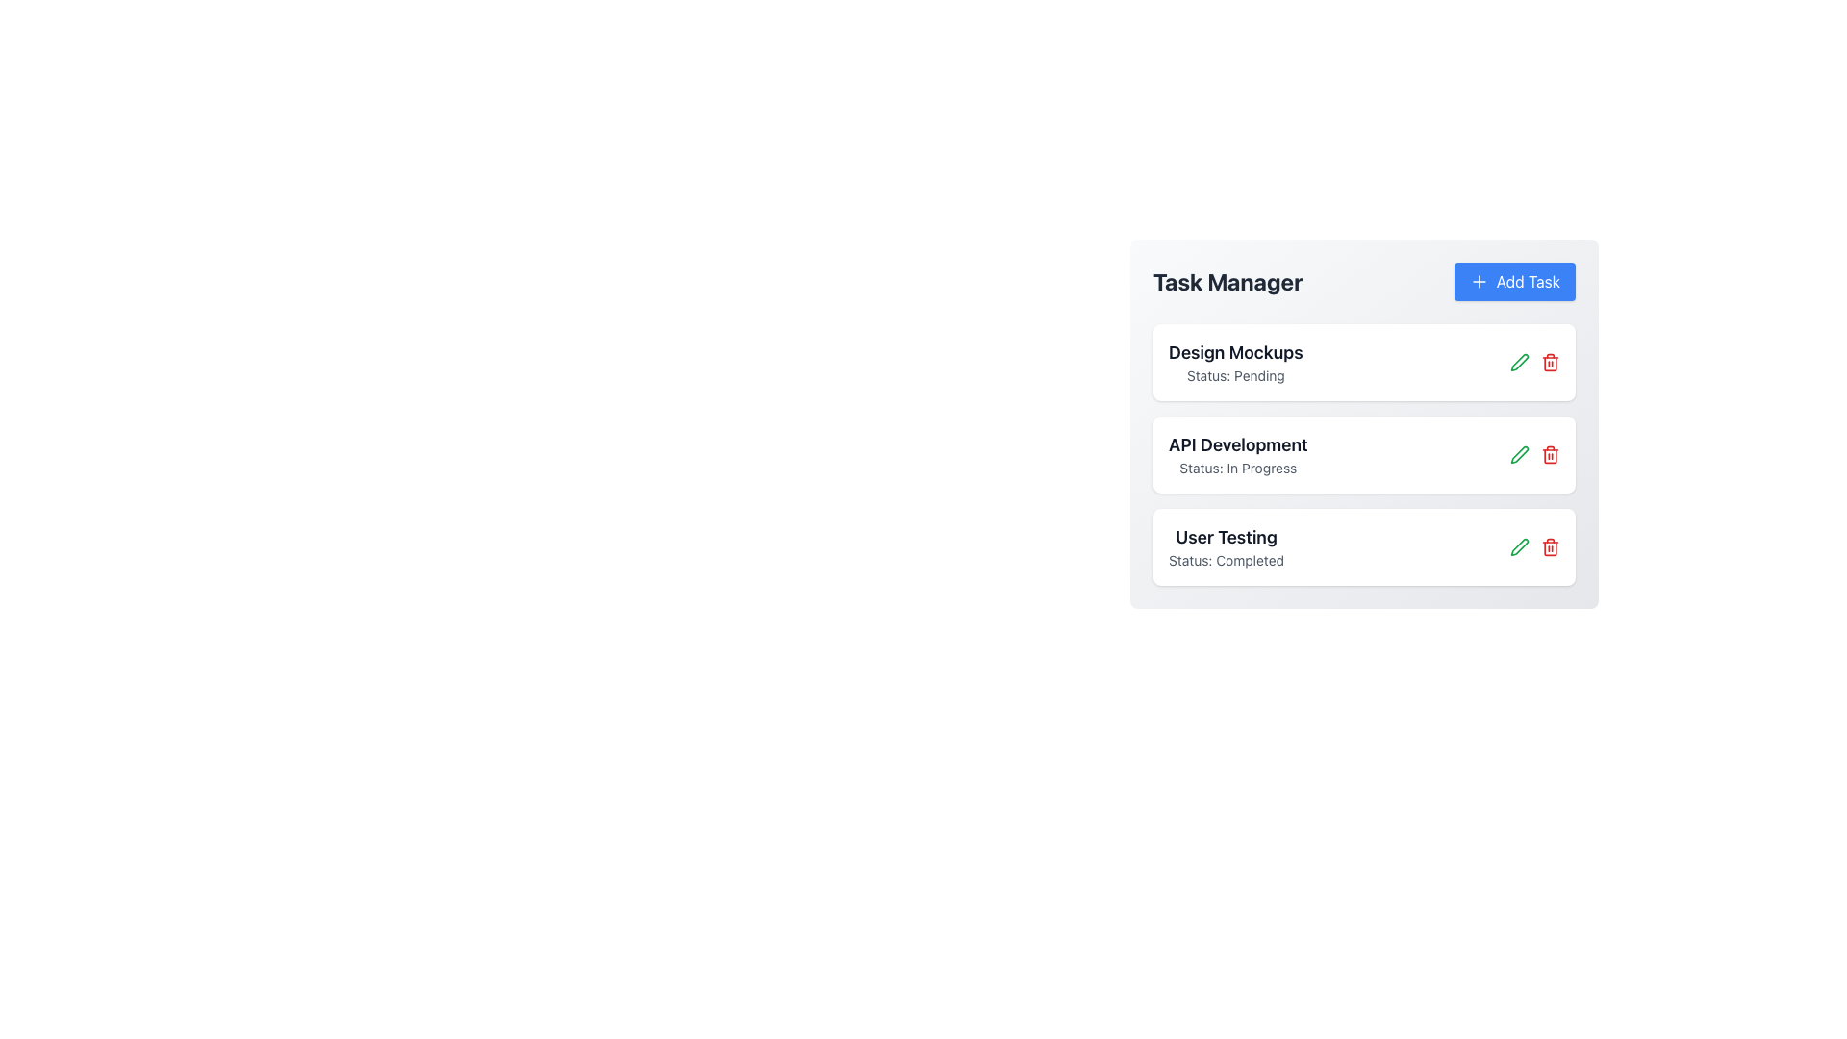 This screenshot has width=1847, height=1039. I want to click on the task item labeled 'User Testing' in the Task Manager interface, so click(1363, 547).